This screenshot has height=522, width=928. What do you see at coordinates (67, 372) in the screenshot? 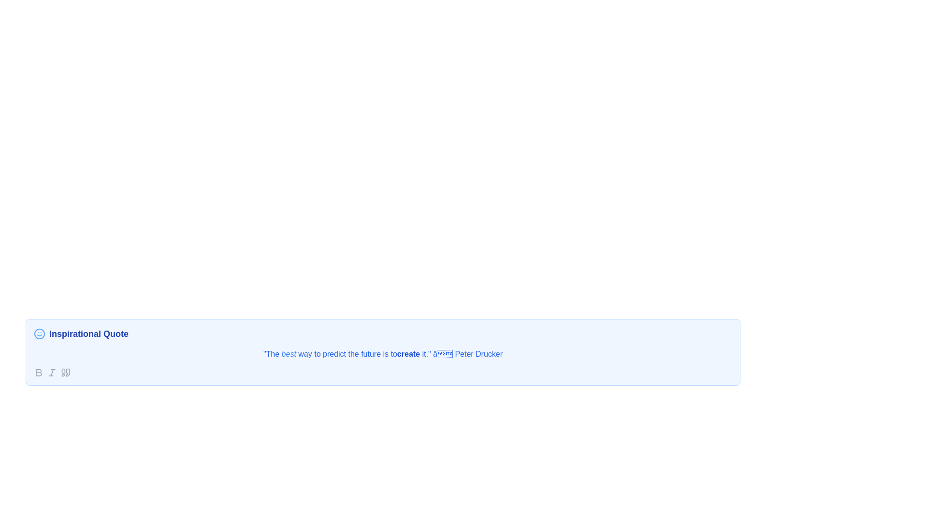
I see `closing quotation mark icon located near the bottom-right corner of the text section, which visually represents the end of a quoted passage` at bounding box center [67, 372].